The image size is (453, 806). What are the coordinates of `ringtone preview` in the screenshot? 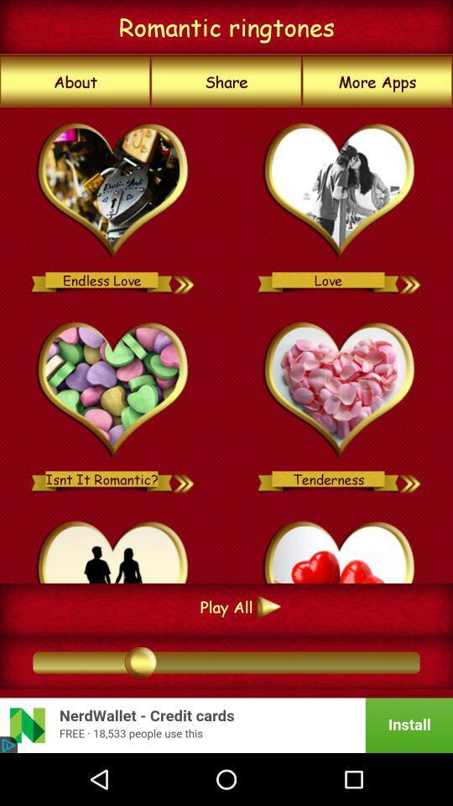 It's located at (184, 280).